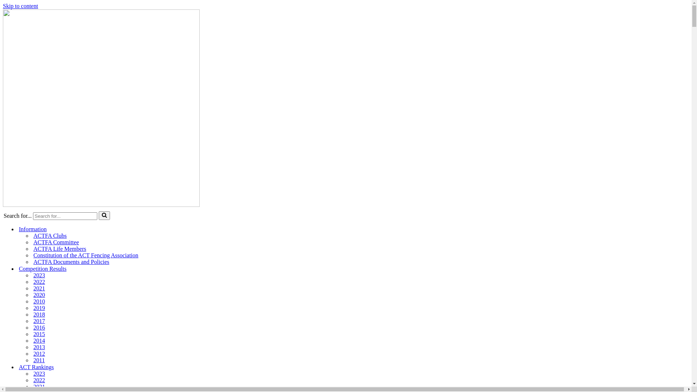 The width and height of the screenshot is (697, 392). I want to click on '2023', so click(39, 373).